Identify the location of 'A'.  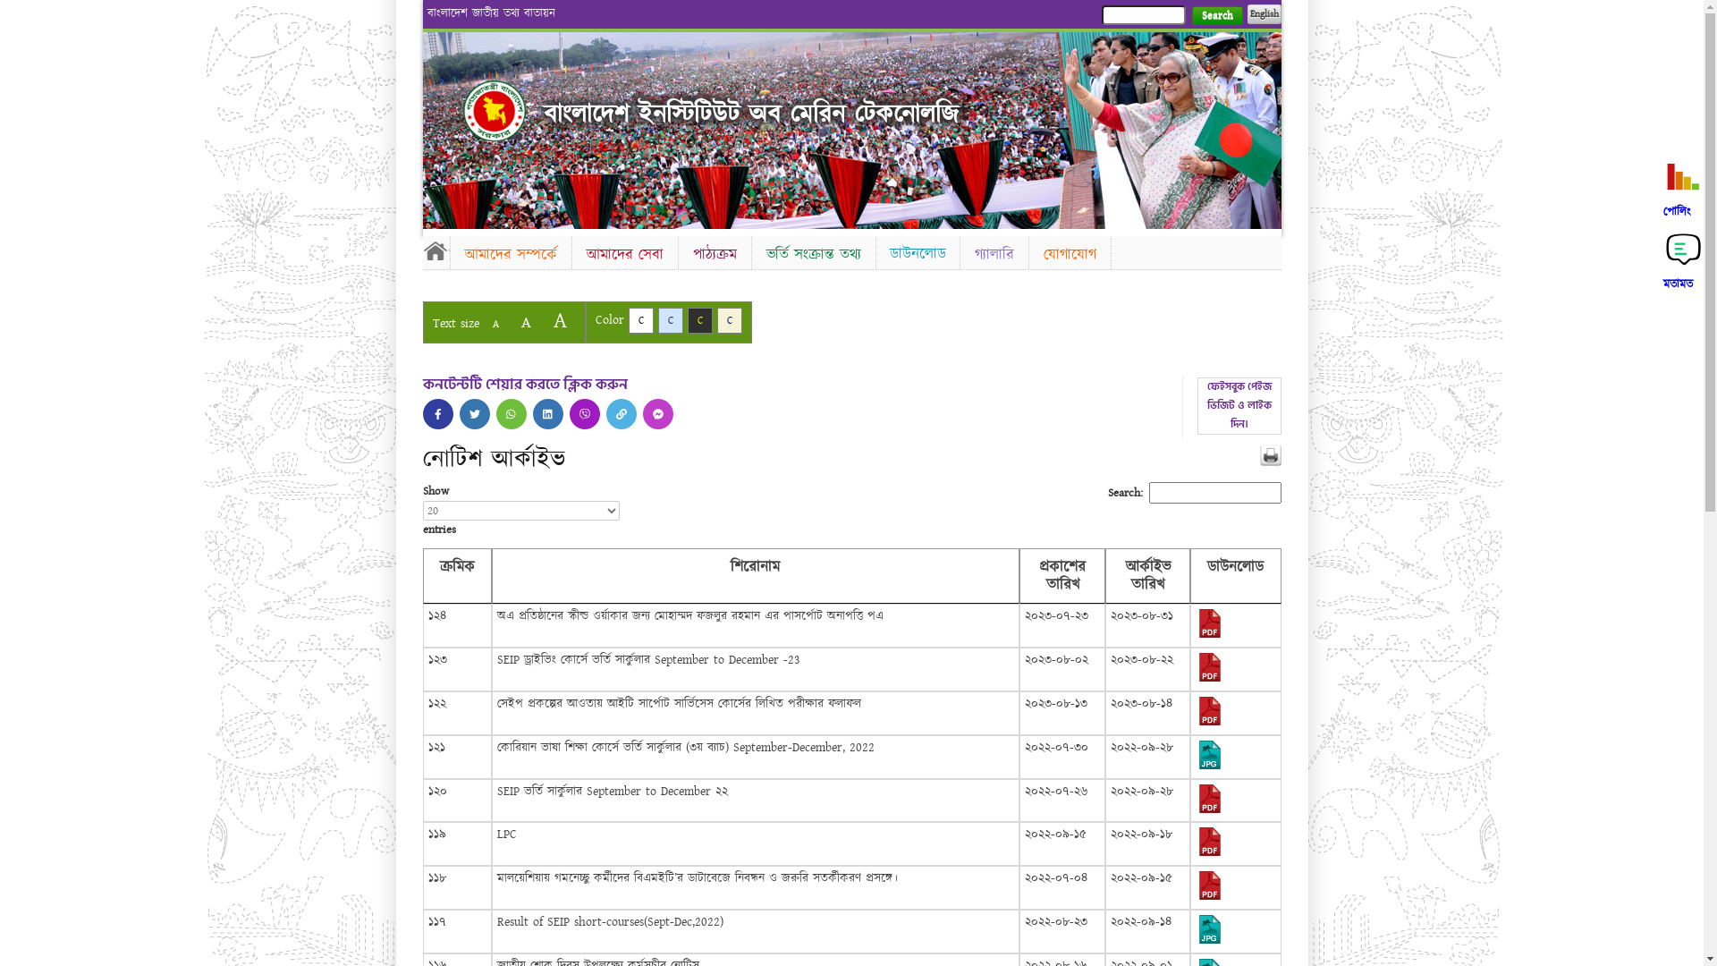
(495, 324).